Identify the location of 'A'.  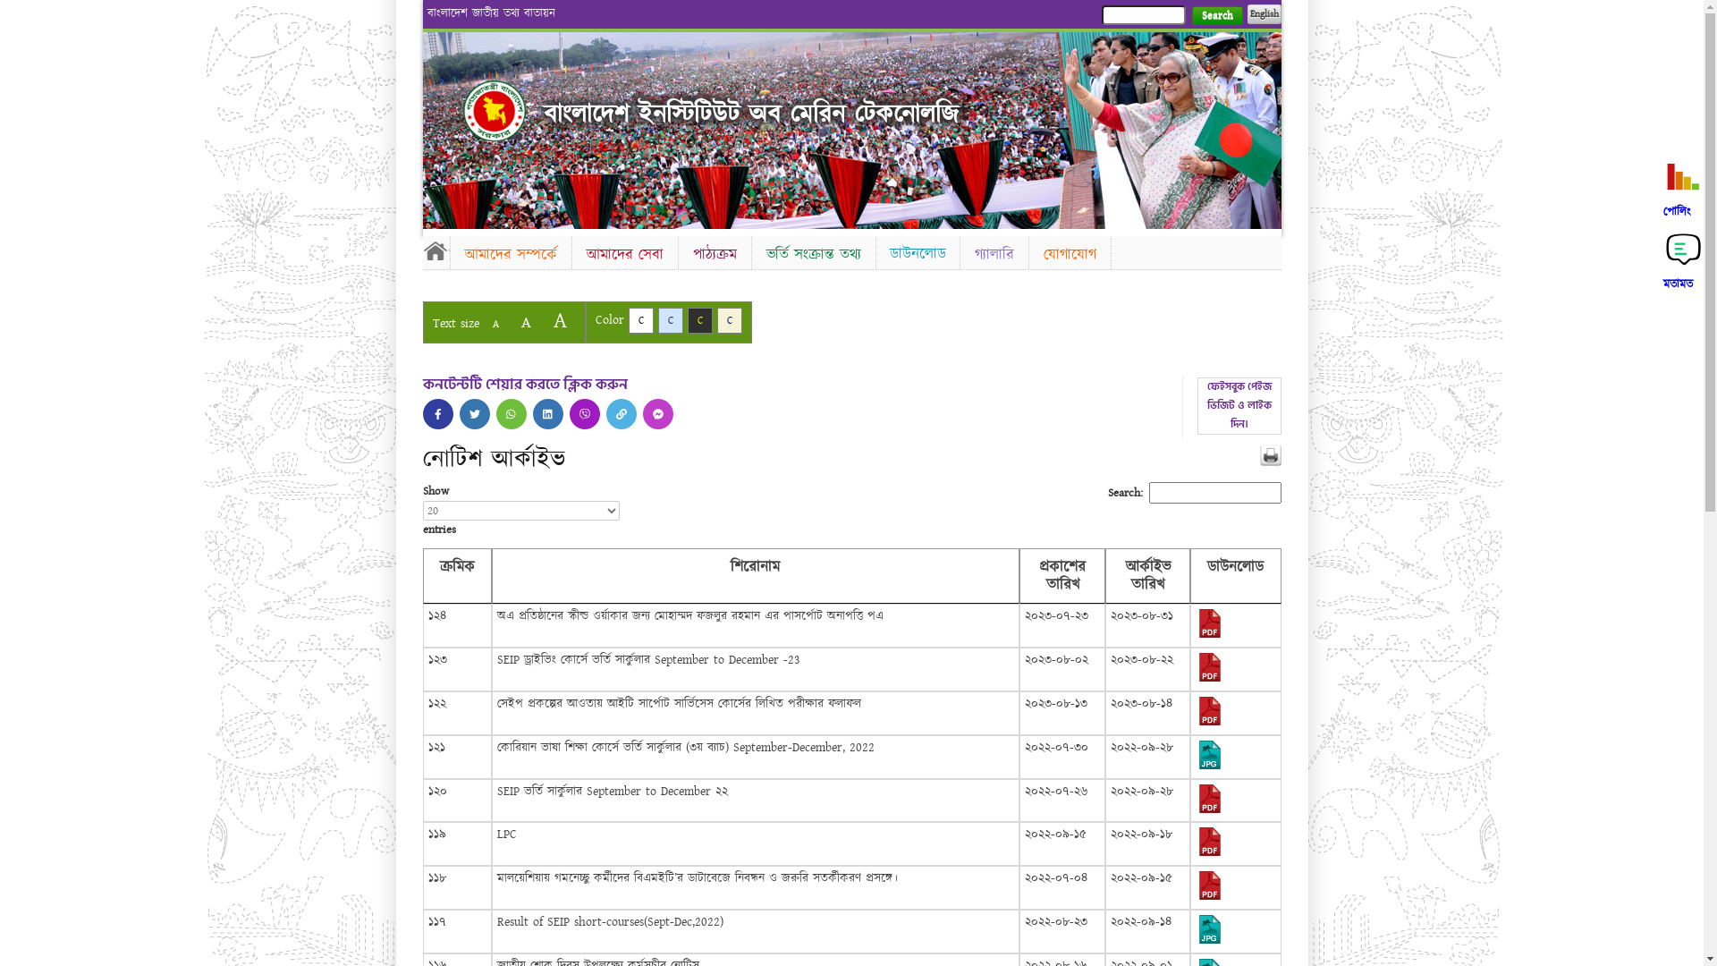
(495, 324).